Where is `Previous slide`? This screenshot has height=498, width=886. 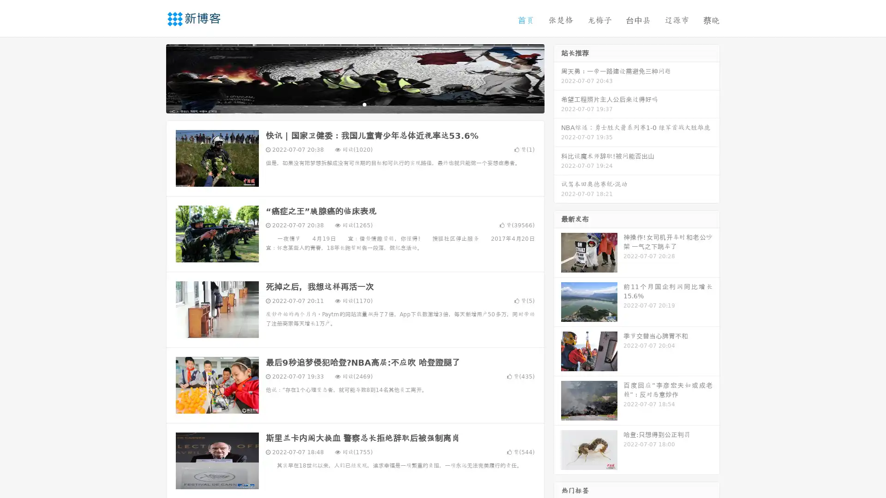 Previous slide is located at coordinates (152, 77).